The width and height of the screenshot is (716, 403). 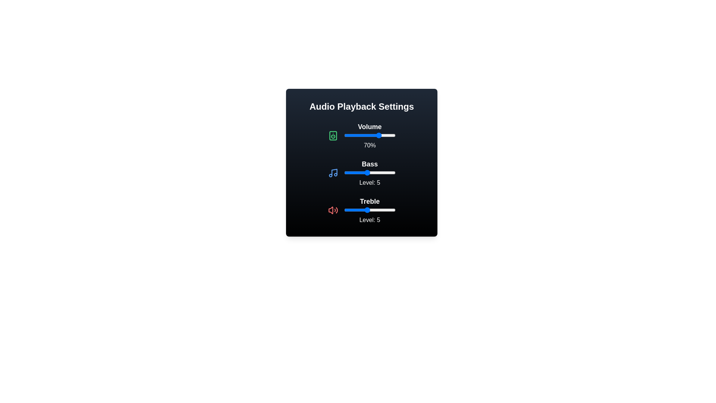 I want to click on the blue musical note icon located to the left of the 'Bass' section in the audio settings interface, so click(x=333, y=173).